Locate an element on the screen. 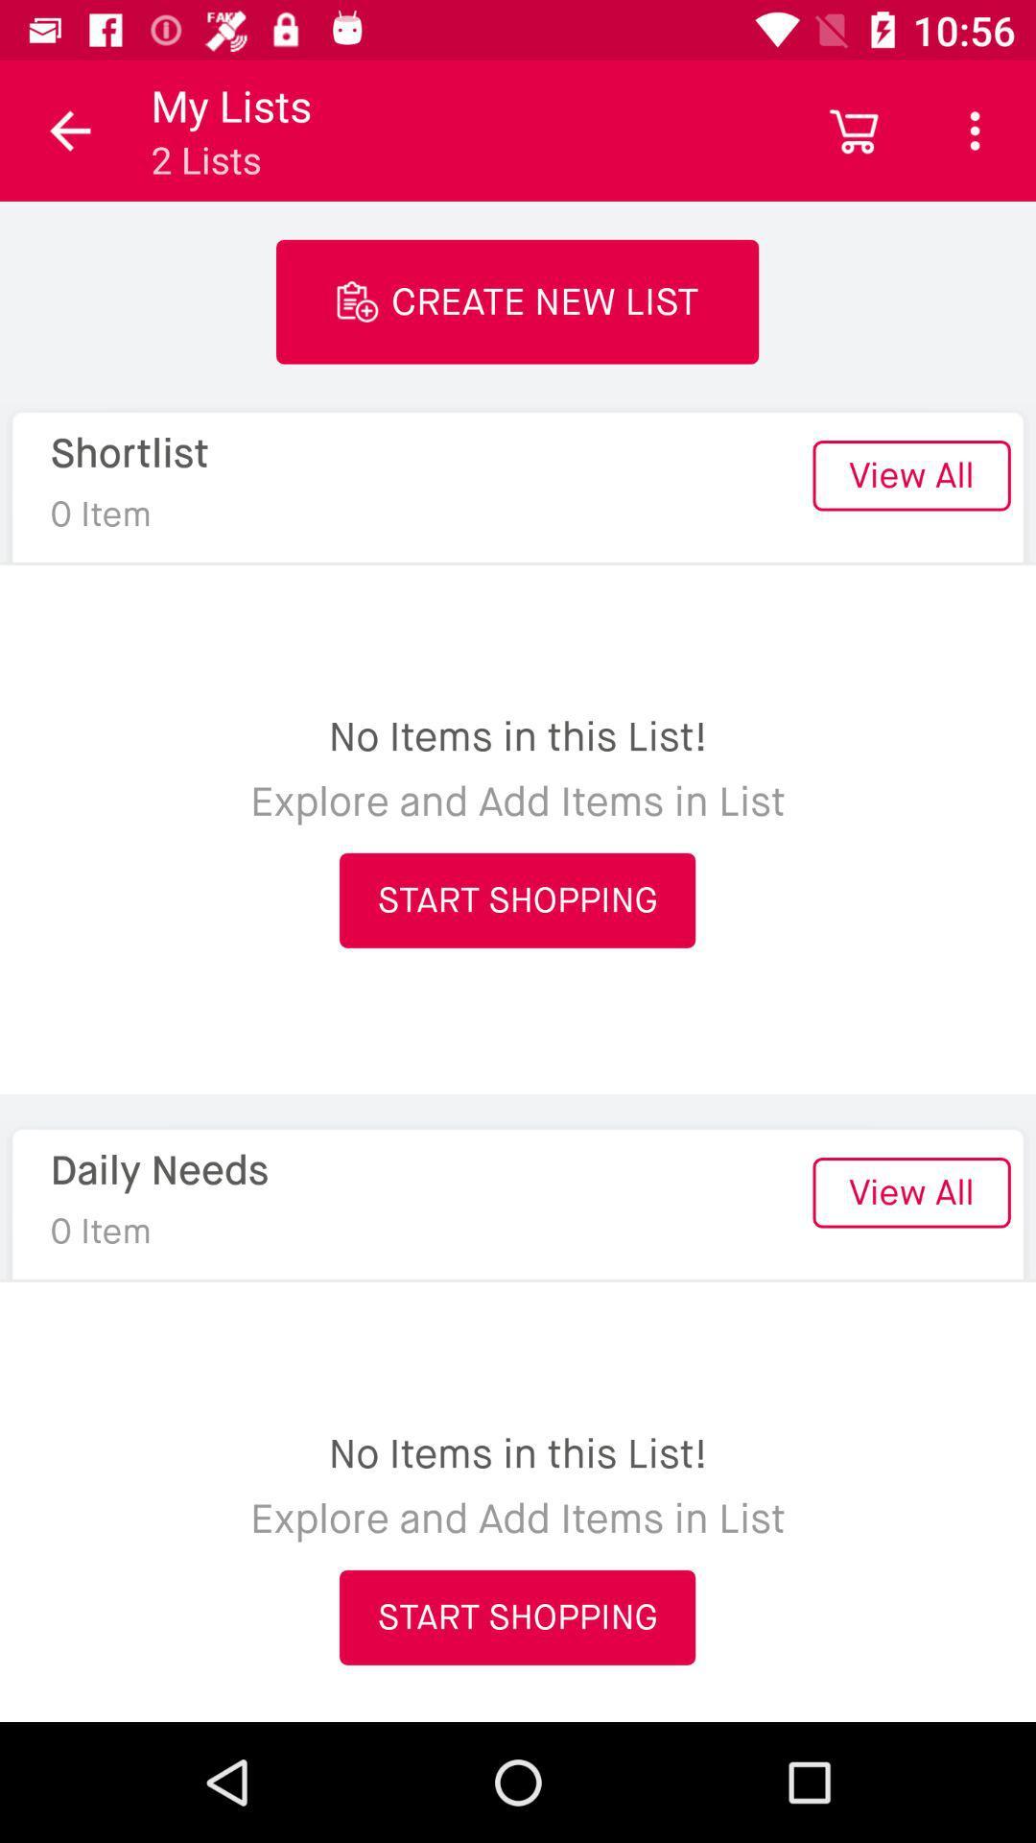 The image size is (1036, 1843). icon above the view all item is located at coordinates (854, 130).